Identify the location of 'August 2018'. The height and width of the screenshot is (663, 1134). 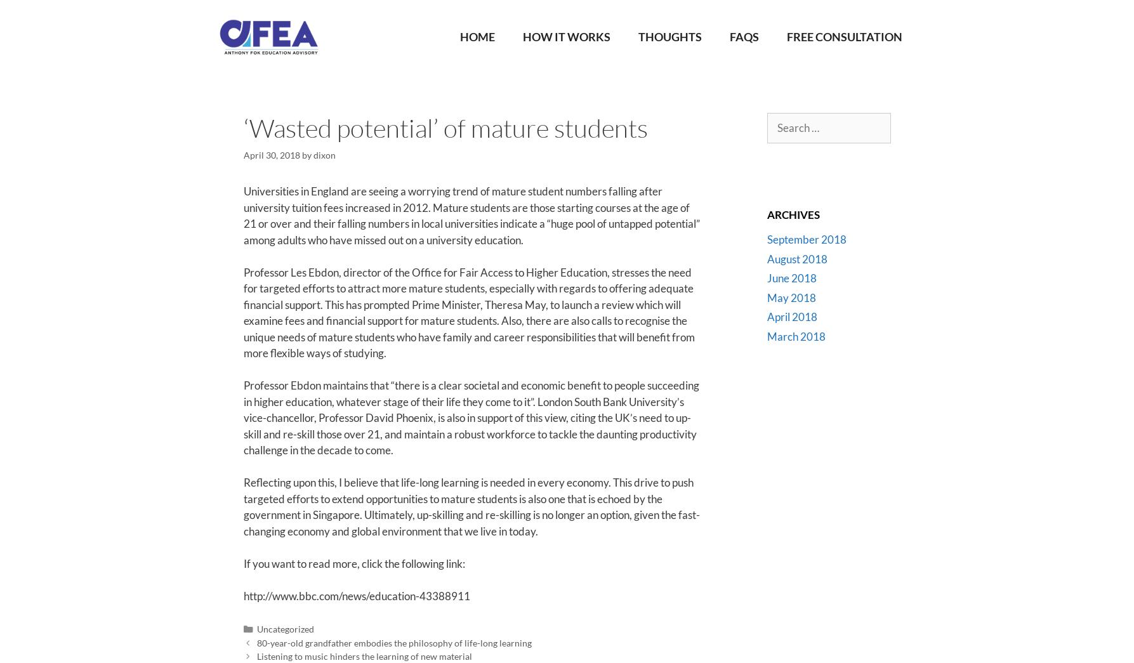
(796, 258).